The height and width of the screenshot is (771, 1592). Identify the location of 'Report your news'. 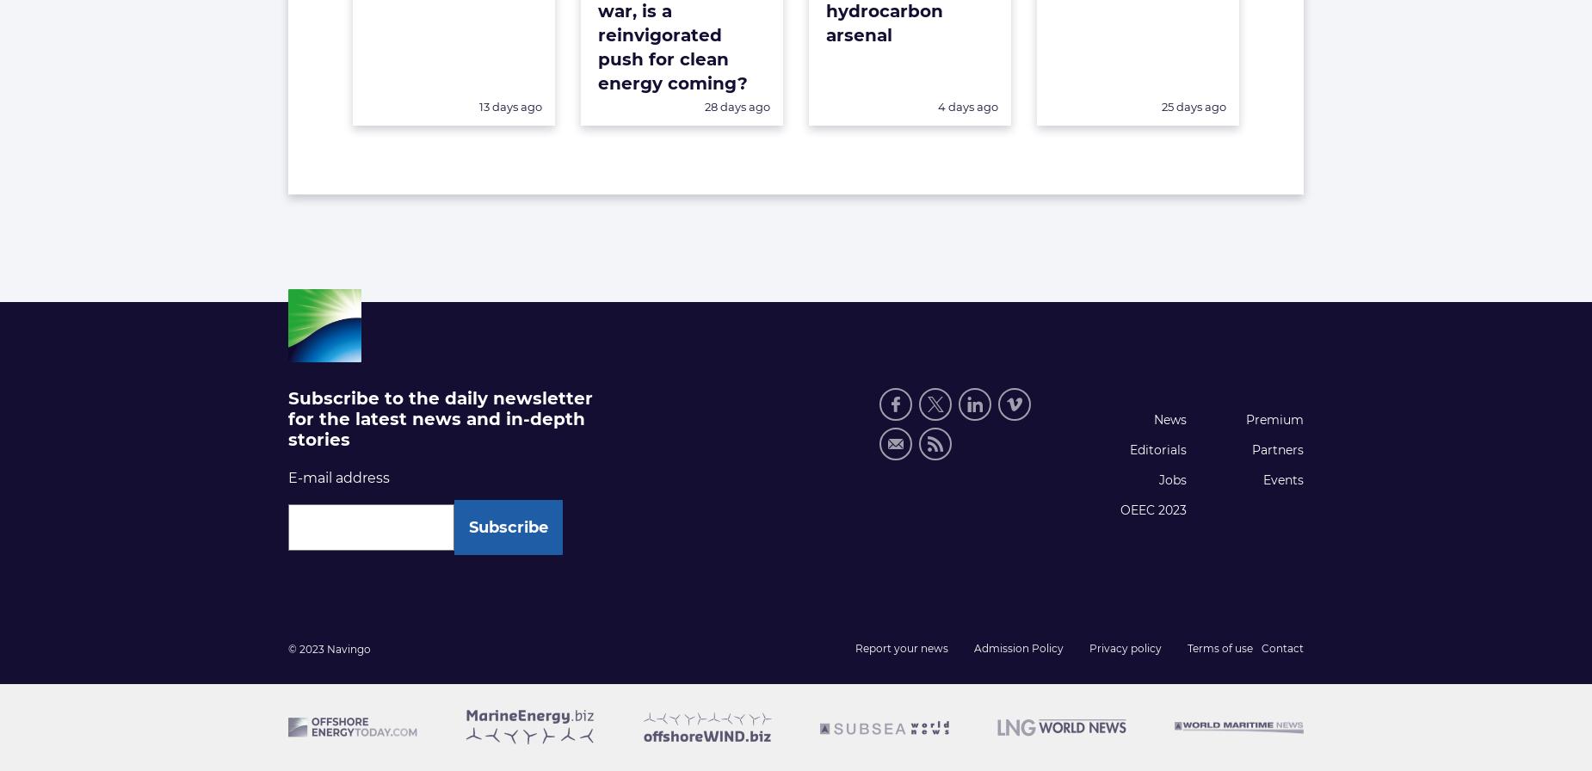
(901, 648).